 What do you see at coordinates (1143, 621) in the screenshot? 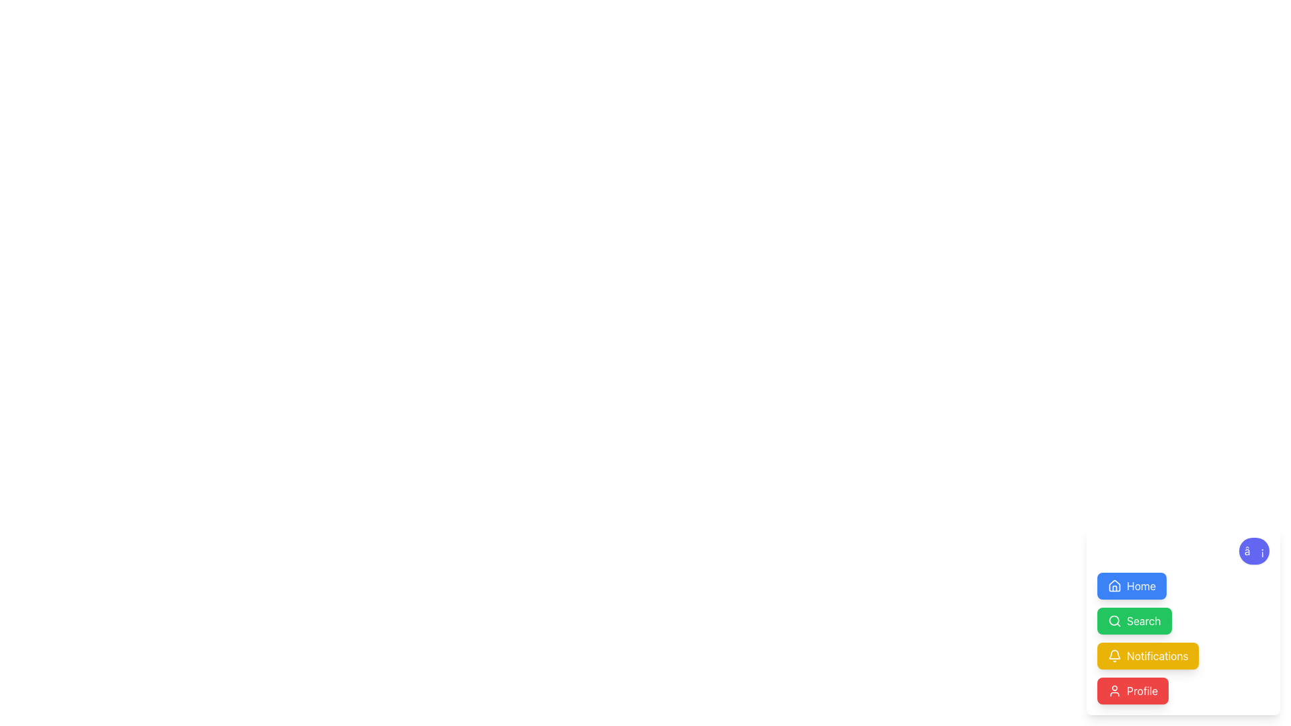
I see `the text label within the search button, which is the second button in the bottom-right corner of the interface` at bounding box center [1143, 621].